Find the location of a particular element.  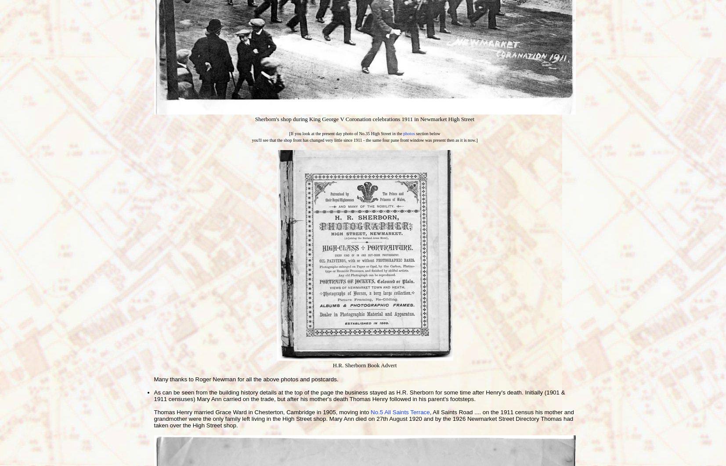

'H.R. Sherborn Book Advert' is located at coordinates (364, 365).